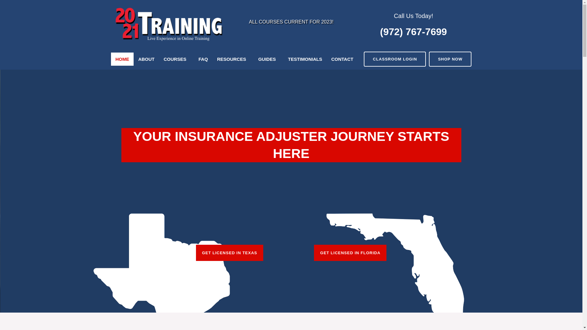 This screenshot has width=587, height=330. I want to click on 'RESOURCES', so click(233, 59).